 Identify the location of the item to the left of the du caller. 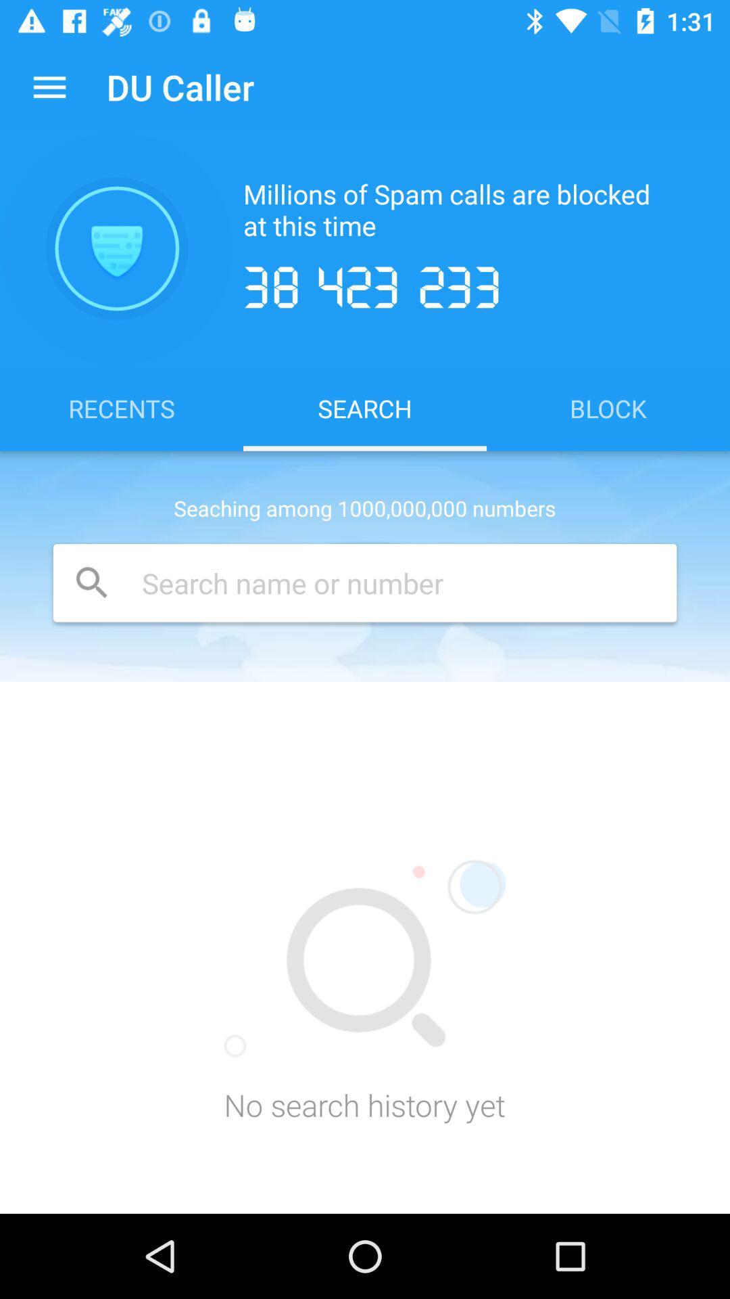
(49, 86).